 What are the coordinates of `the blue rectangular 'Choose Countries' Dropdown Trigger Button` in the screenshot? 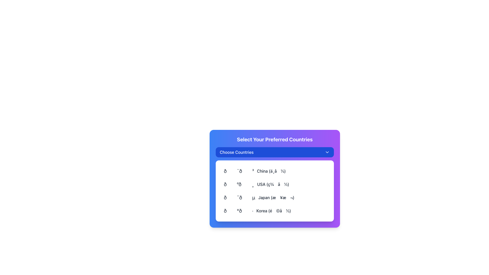 It's located at (275, 152).